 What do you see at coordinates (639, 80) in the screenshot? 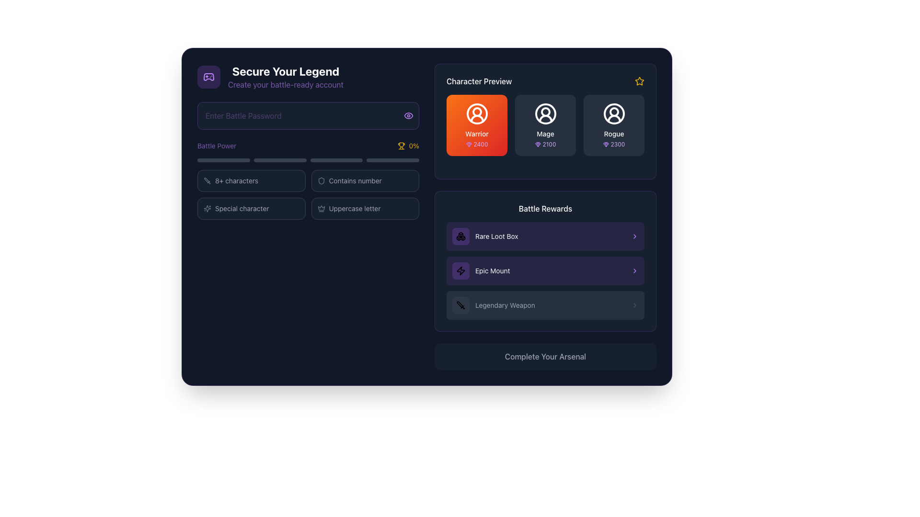
I see `the star-shaped icon located at the top-right corner of the 'Character Preview' section to interact with it` at bounding box center [639, 80].